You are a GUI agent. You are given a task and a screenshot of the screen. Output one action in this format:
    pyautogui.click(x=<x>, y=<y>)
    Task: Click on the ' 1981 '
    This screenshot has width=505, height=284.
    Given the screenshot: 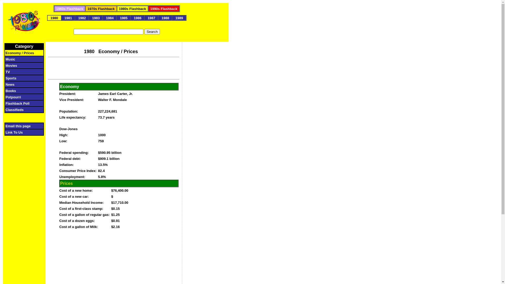 What is the action you would take?
    pyautogui.click(x=68, y=17)
    